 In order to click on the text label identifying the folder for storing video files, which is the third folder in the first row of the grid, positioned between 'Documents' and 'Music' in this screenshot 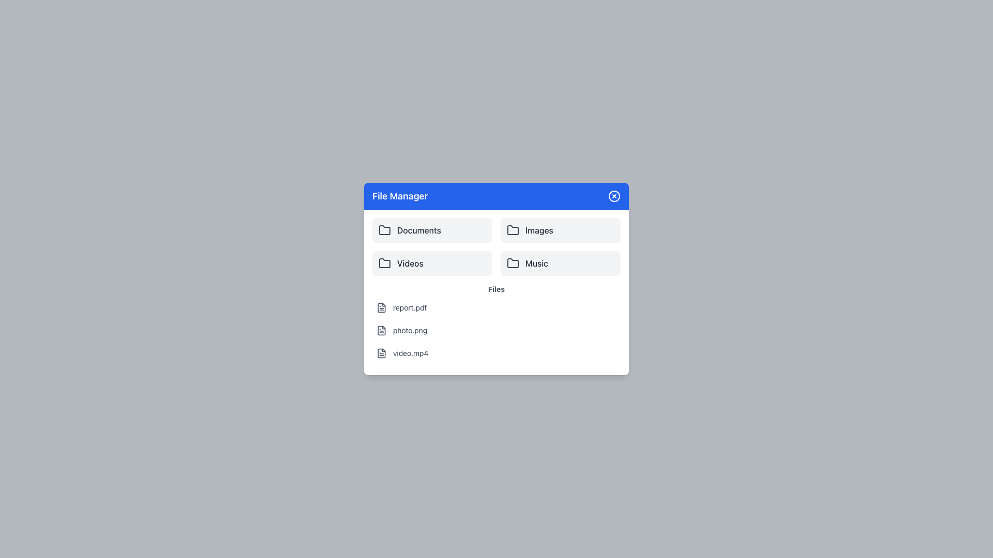, I will do `click(410, 262)`.